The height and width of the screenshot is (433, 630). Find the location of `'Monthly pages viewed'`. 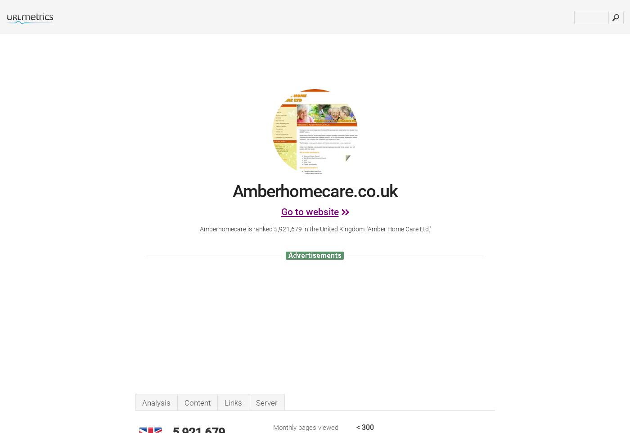

'Monthly pages viewed' is located at coordinates (306, 427).